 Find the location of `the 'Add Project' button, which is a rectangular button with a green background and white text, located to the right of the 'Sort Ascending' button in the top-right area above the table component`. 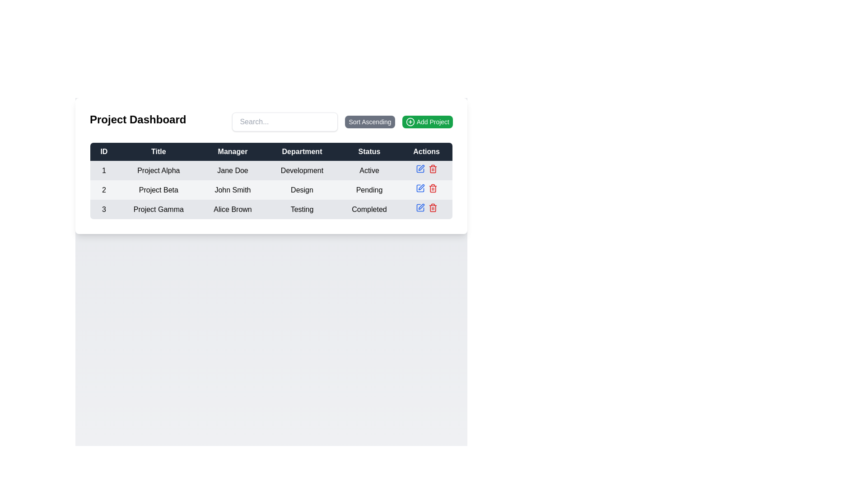

the 'Add Project' button, which is a rectangular button with a green background and white text, located to the right of the 'Sort Ascending' button in the top-right area above the table component is located at coordinates (427, 122).